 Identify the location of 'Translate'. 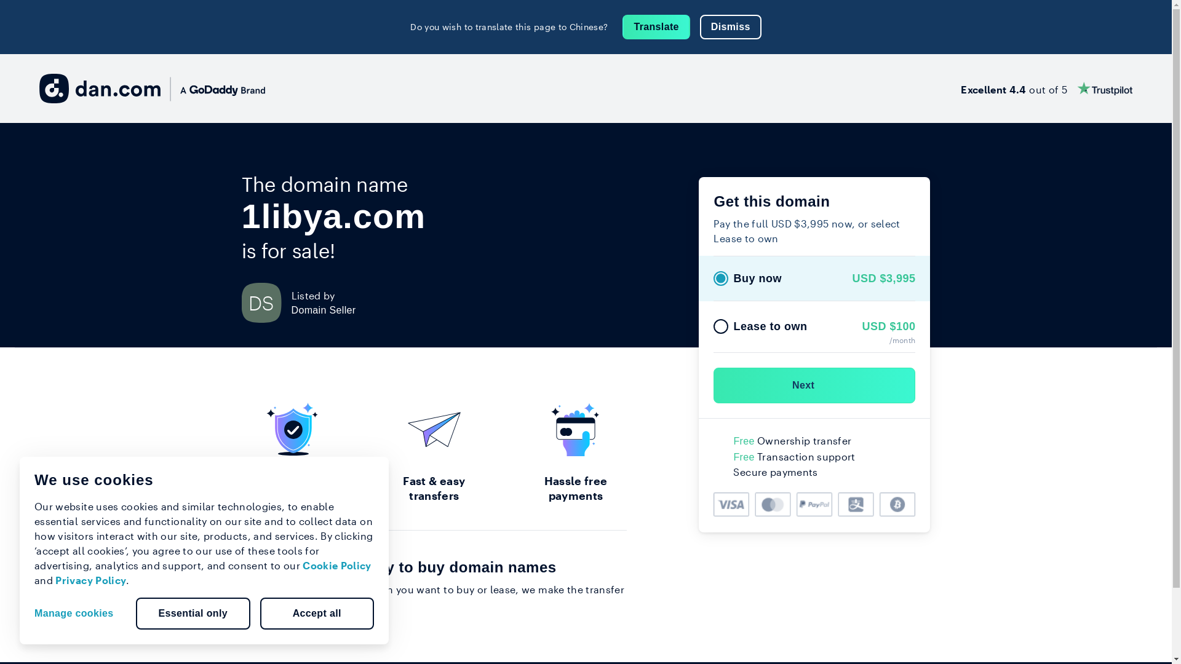
(655, 26).